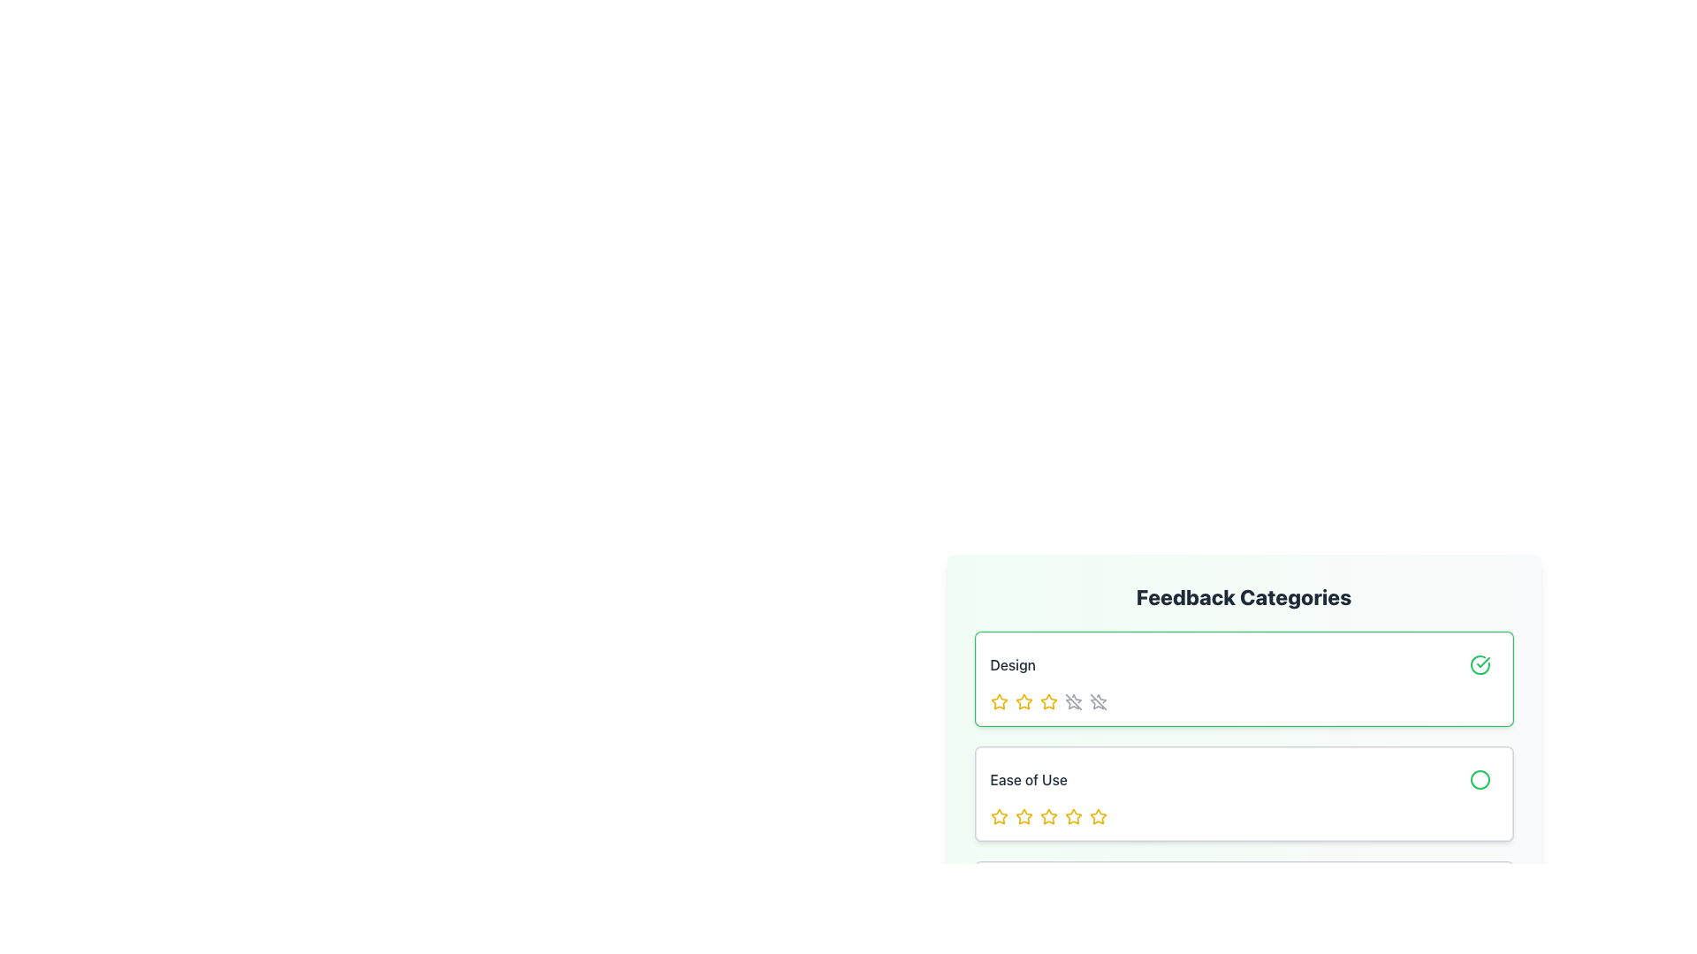  Describe the element at coordinates (1024, 700) in the screenshot. I see `the second star icon in the 'Design' feedback section` at that location.